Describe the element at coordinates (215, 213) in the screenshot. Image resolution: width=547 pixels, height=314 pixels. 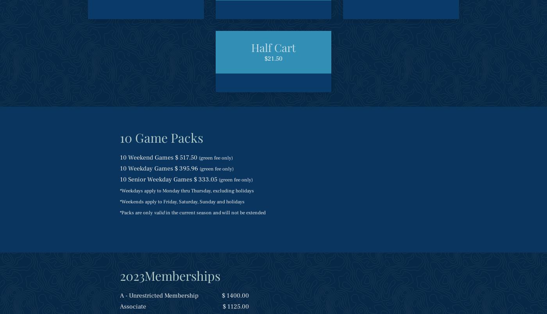
I see `'in the current season and will not be extended'` at that location.